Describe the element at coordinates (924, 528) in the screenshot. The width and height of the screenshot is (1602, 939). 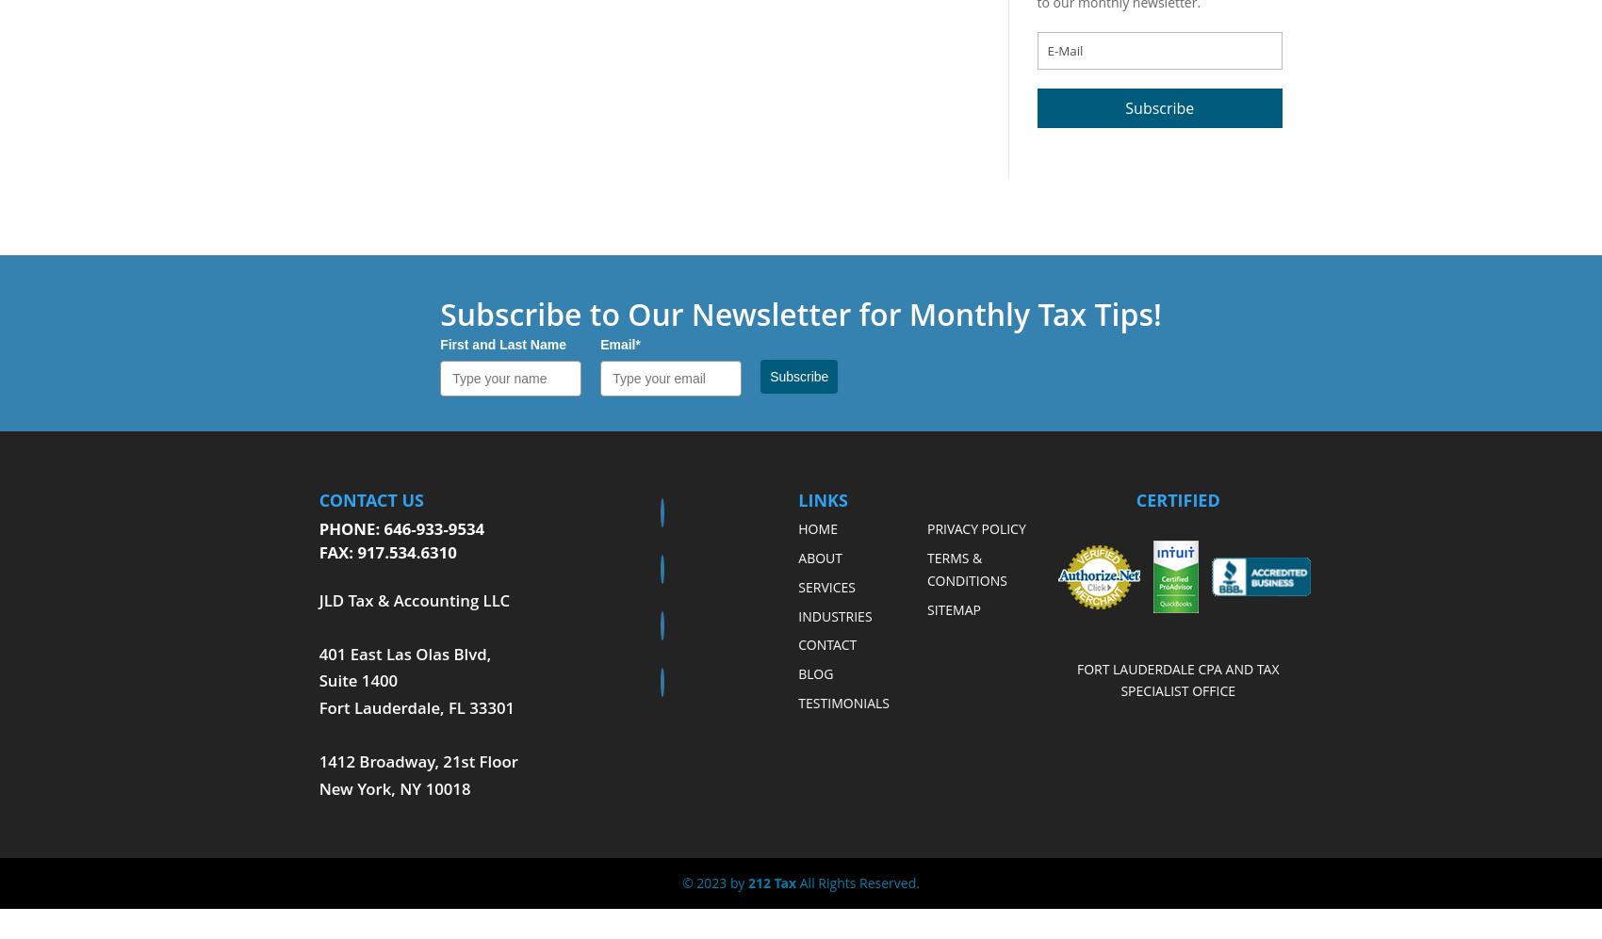
I see `'PRIVACY POLICY'` at that location.